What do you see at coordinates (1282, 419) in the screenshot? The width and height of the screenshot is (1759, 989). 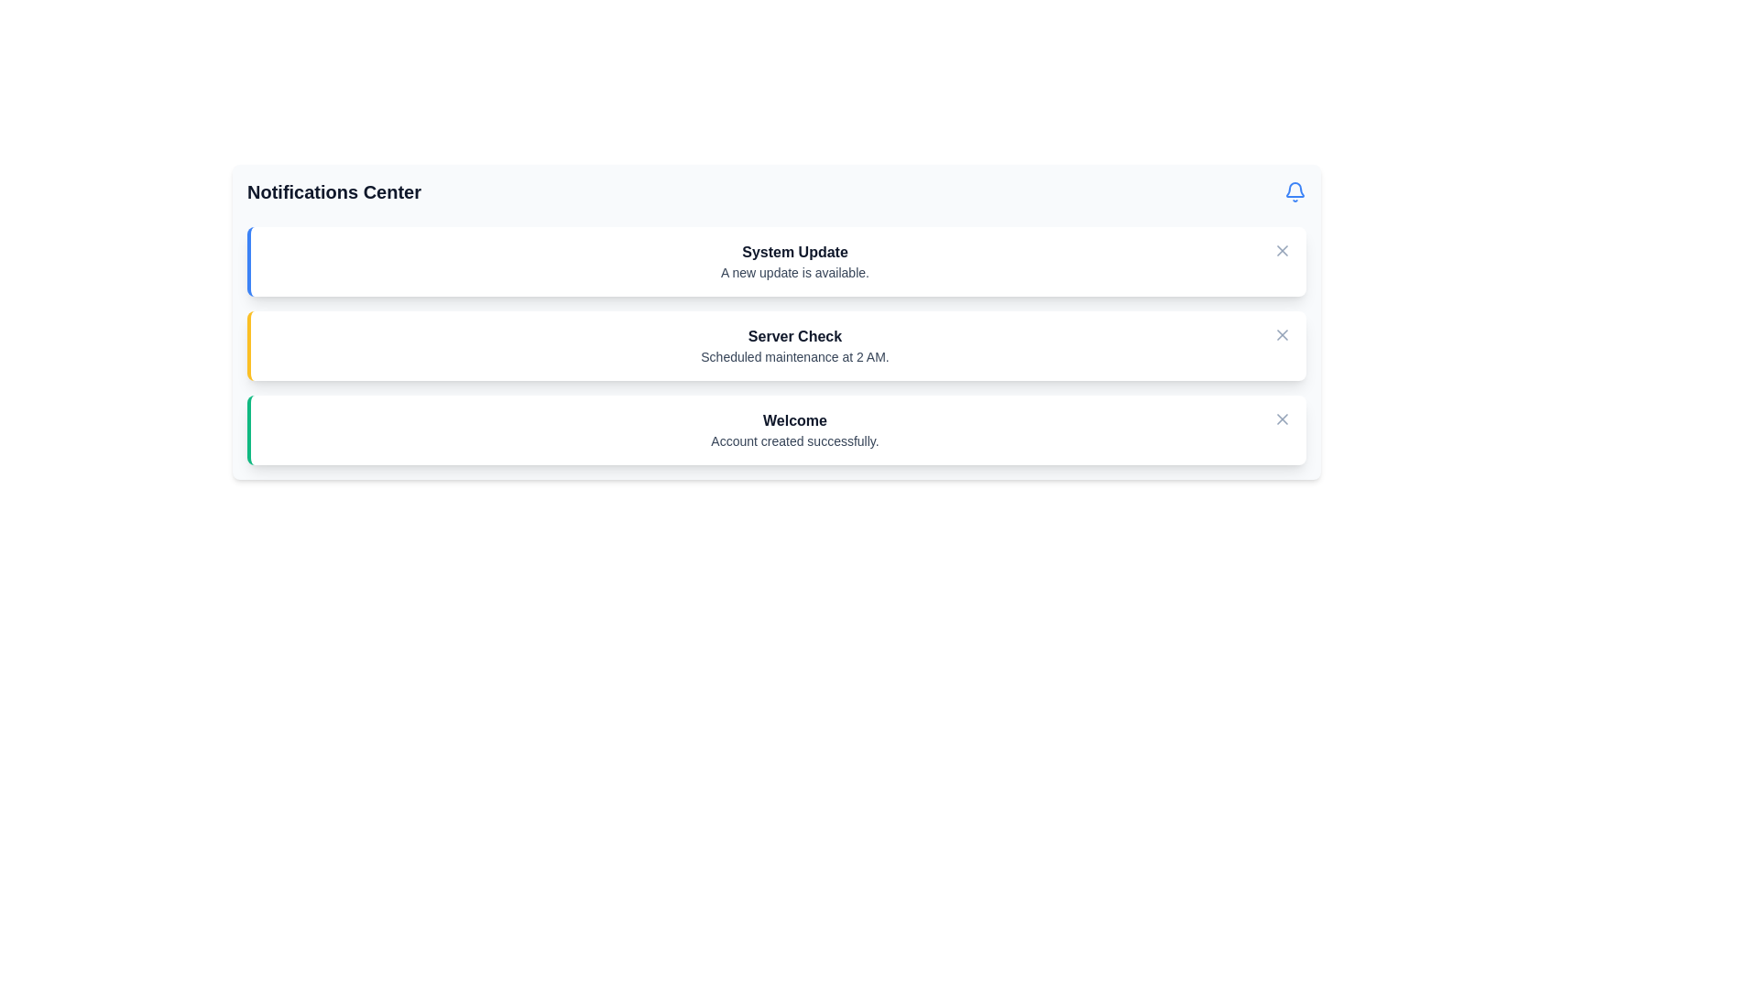 I see `the dismiss button located at the far right of the green-accented notification card titled 'Welcome', next to the text 'Account created successfully.'` at bounding box center [1282, 419].